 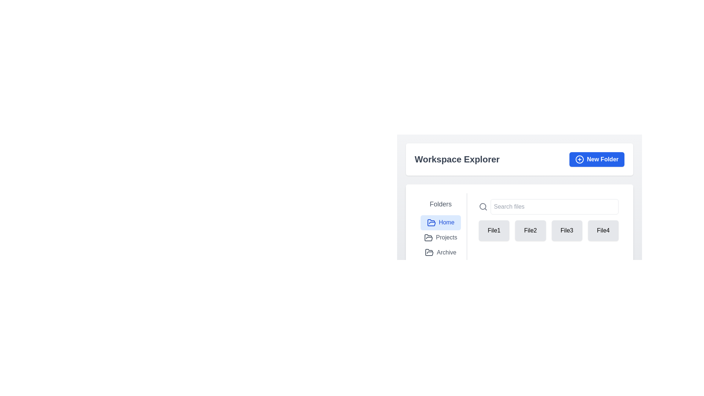 I want to click on the circular '+' icon located to the left of the 'New Folder' button on the top interface bar to trigger any potential tooltip, so click(x=579, y=159).